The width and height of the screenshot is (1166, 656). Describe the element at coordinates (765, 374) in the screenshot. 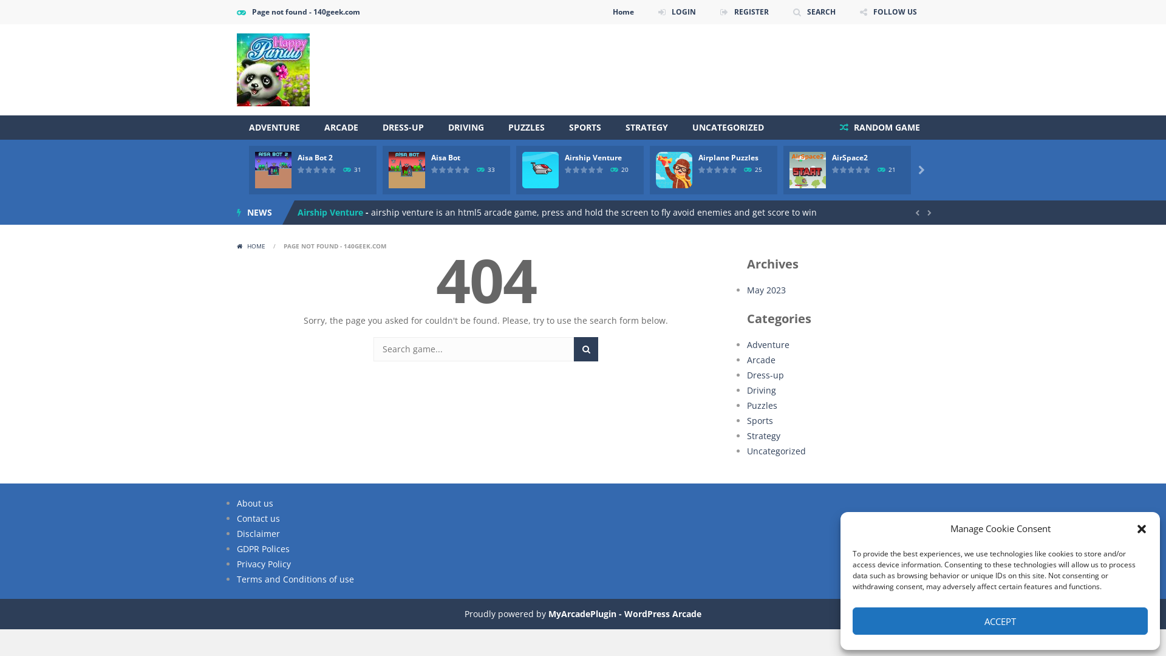

I see `'Dress-up'` at that location.